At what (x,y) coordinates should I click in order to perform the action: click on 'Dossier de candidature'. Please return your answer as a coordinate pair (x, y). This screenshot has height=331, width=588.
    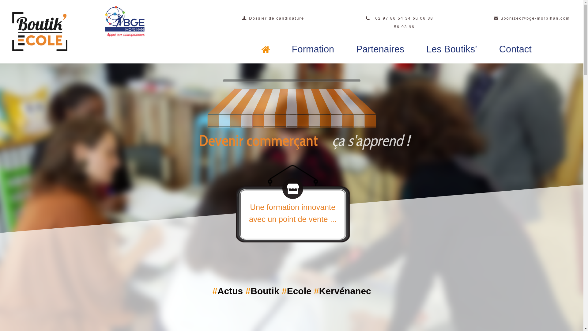
    Looking at the image, I should click on (273, 18).